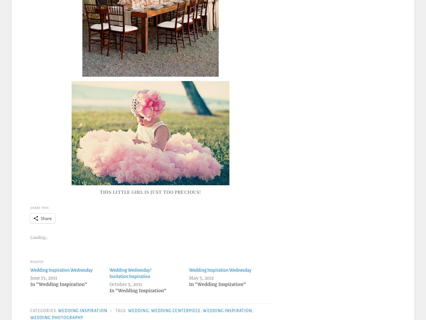 The width and height of the screenshot is (426, 320). What do you see at coordinates (30, 208) in the screenshot?
I see `'Share this:'` at bounding box center [30, 208].